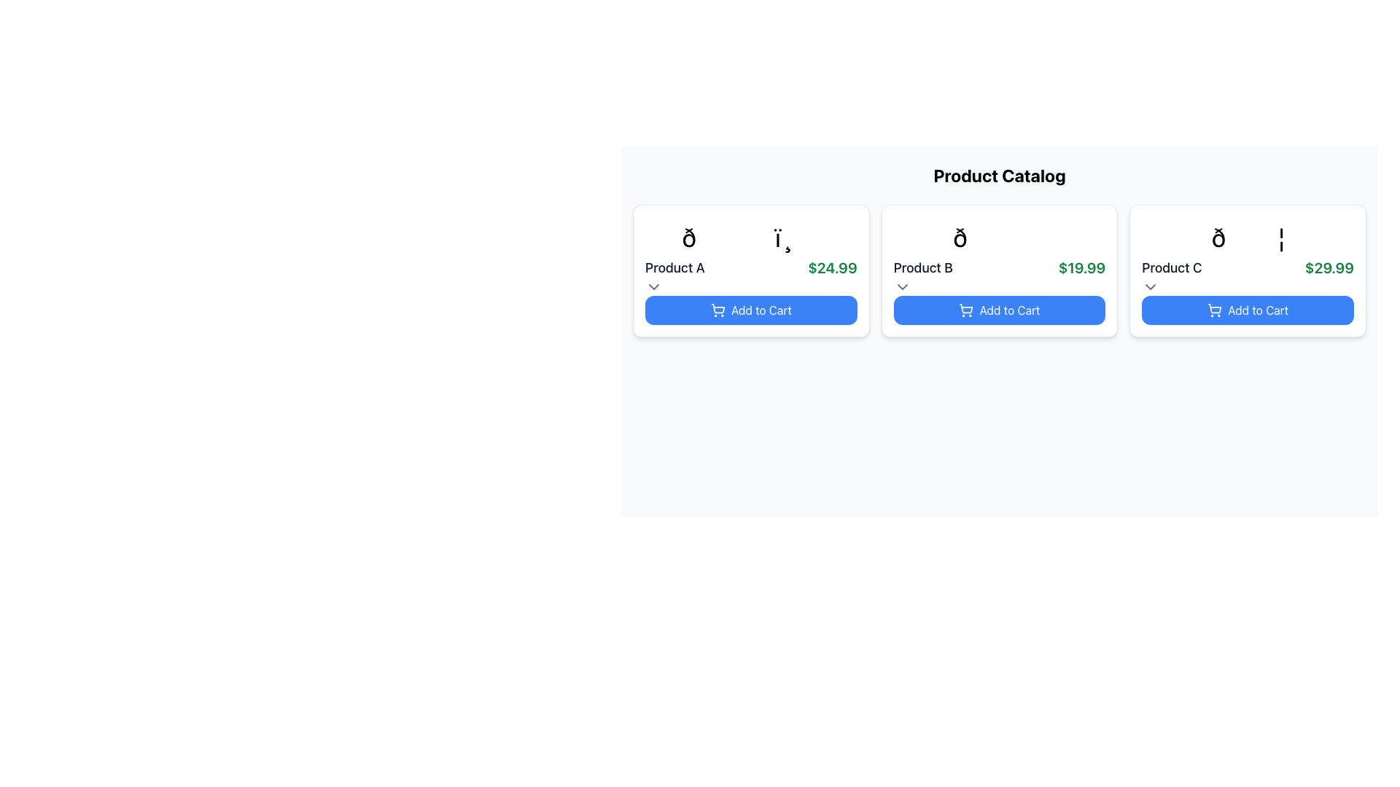  I want to click on the text label displaying 'Product C' which is part of the card layout under the 'Product Catalog' header in the rightmost card, so click(1172, 267).